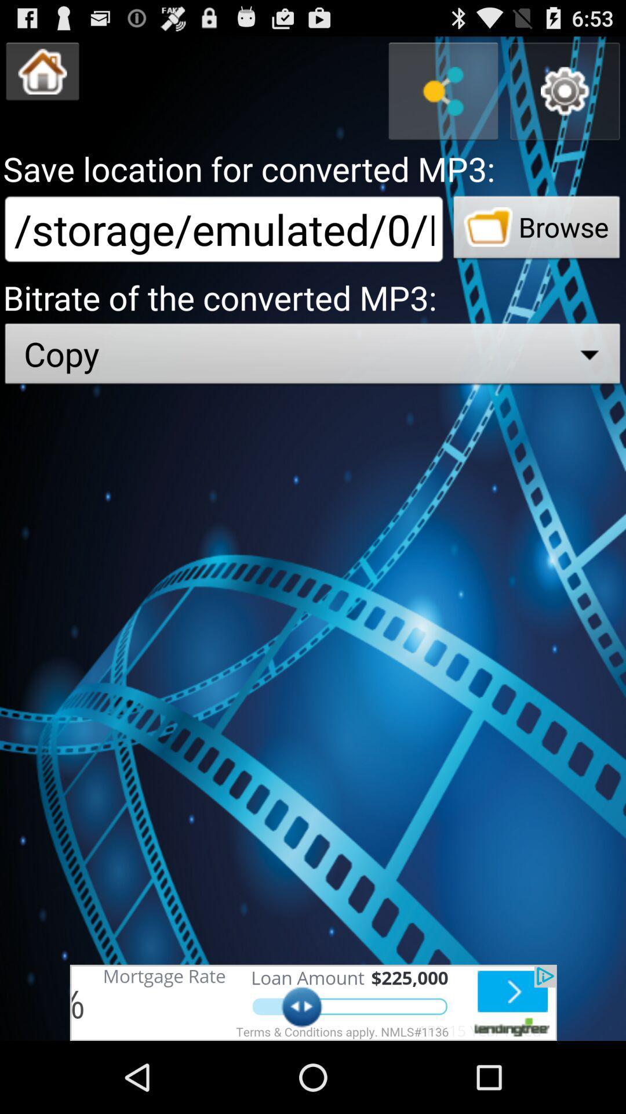 This screenshot has height=1114, width=626. What do you see at coordinates (565, 91) in the screenshot?
I see `settings option` at bounding box center [565, 91].